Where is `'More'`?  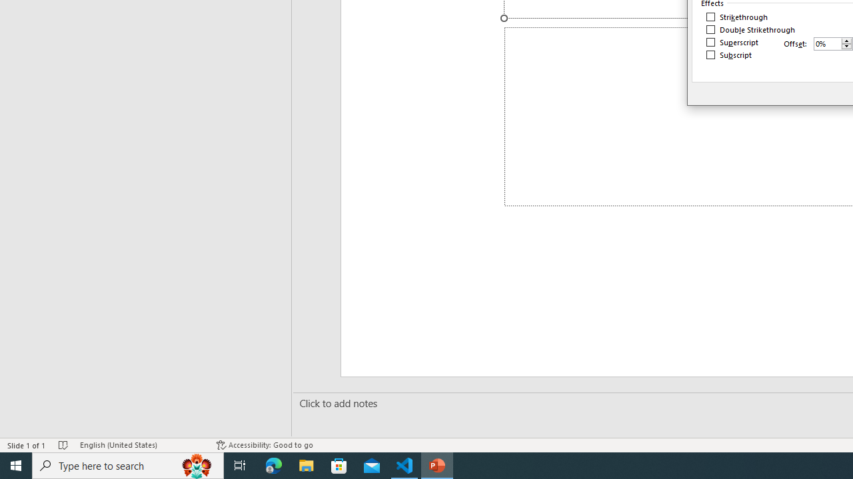
'More' is located at coordinates (846, 40).